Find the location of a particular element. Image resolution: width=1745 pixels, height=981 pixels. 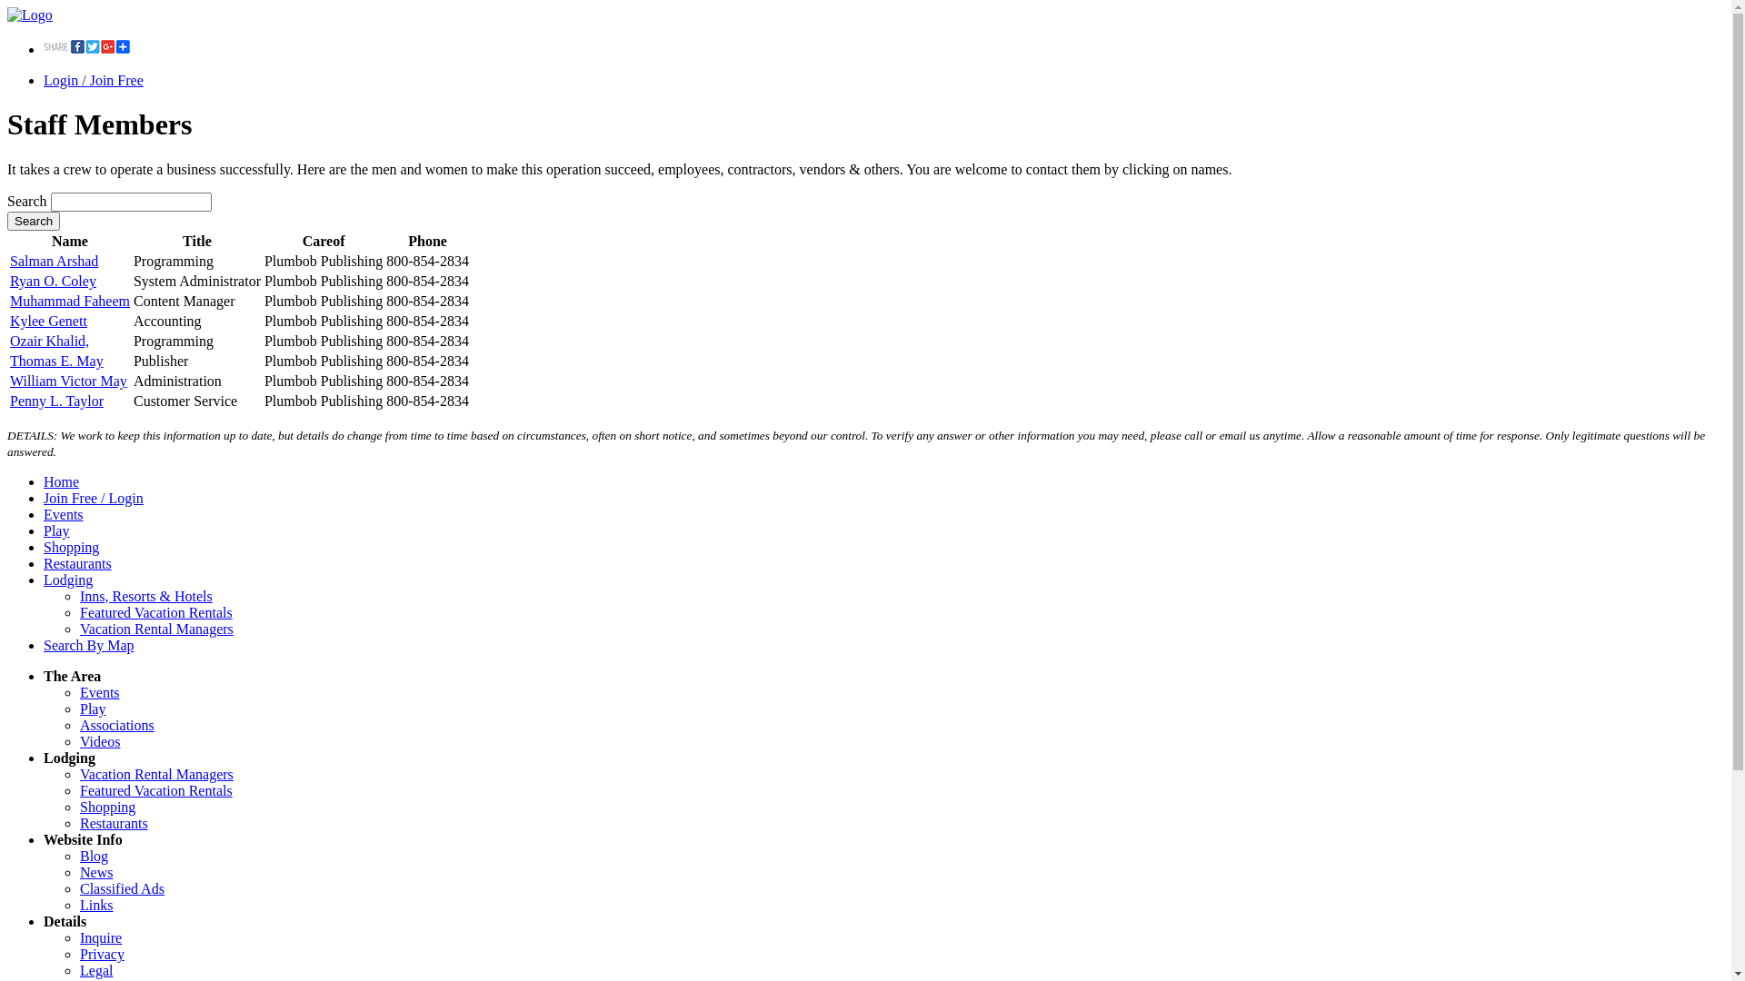

'News' is located at coordinates (78, 871).